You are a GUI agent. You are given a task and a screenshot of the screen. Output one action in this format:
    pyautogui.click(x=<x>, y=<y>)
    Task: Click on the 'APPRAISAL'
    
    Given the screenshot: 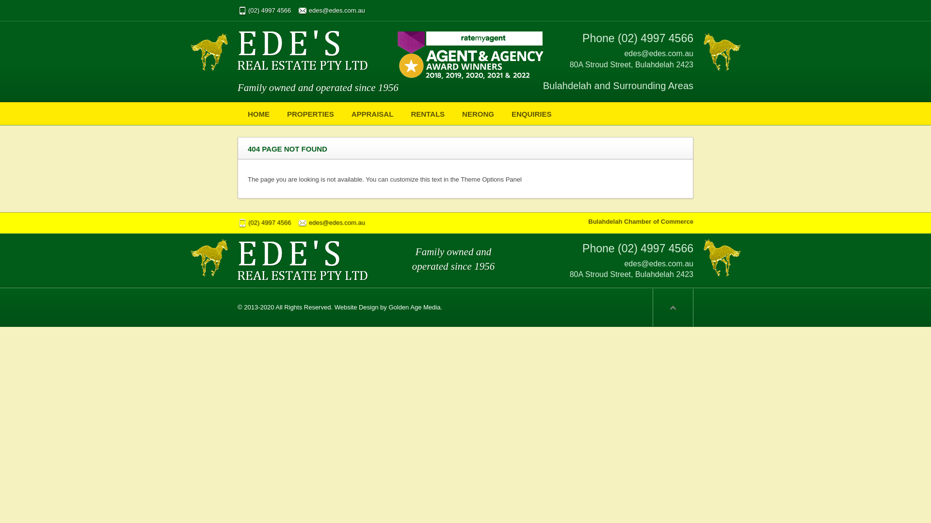 What is the action you would take?
    pyautogui.click(x=372, y=113)
    